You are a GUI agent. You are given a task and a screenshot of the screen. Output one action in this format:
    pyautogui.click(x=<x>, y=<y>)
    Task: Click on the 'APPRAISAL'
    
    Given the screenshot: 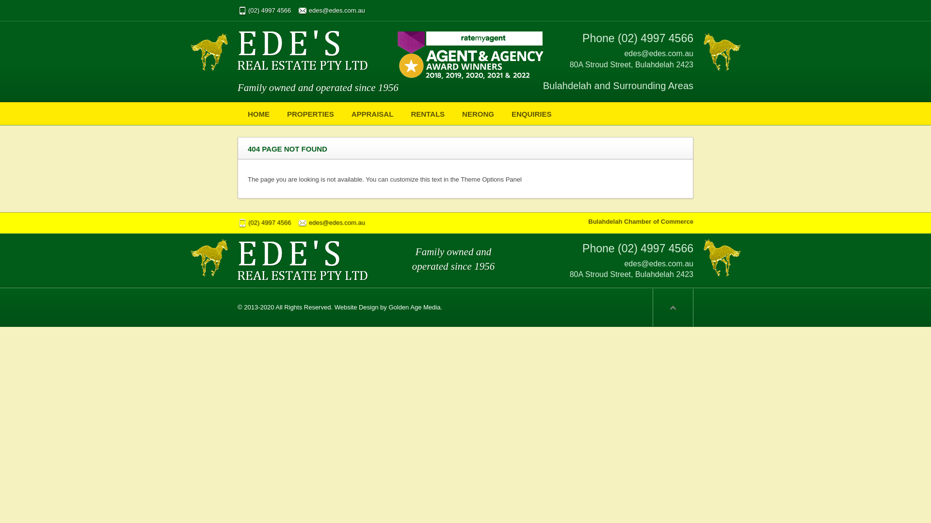 What is the action you would take?
    pyautogui.click(x=372, y=113)
    